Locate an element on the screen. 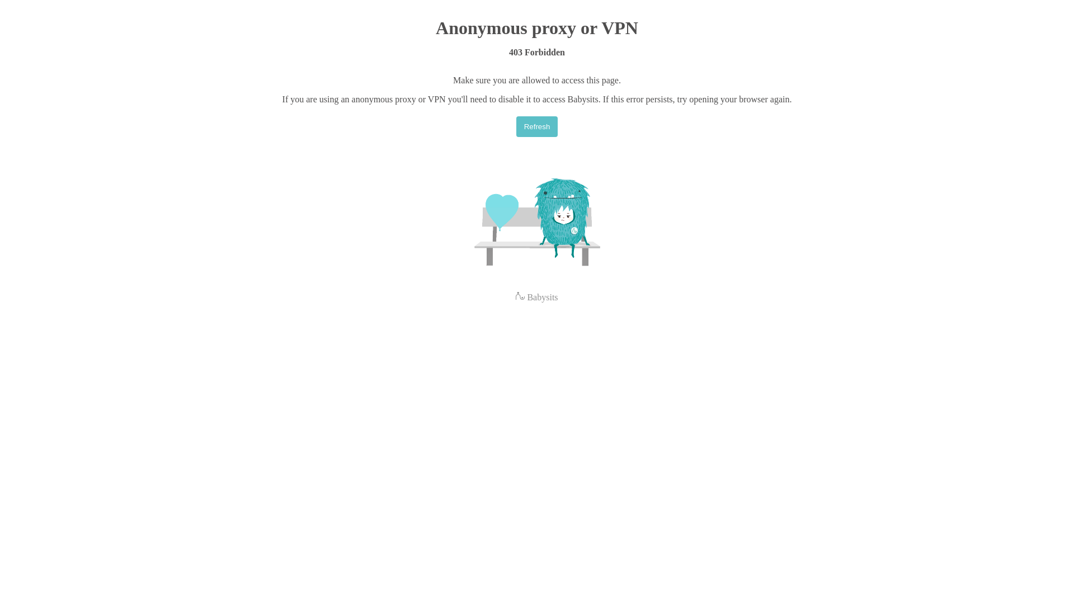 The image size is (1074, 604). 'Refresh' is located at coordinates (515, 126).